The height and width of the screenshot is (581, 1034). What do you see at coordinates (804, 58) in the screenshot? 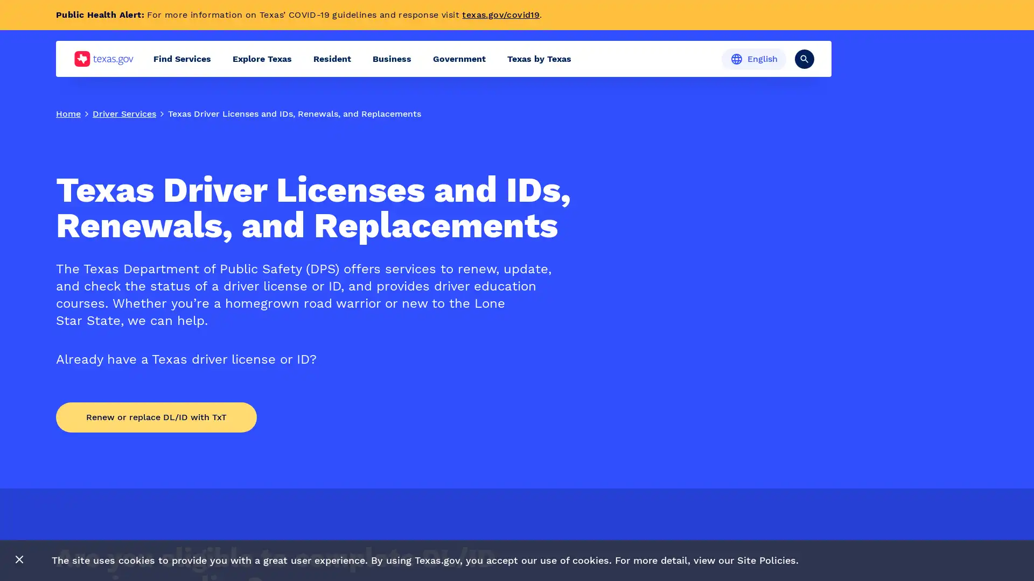
I see `Search` at bounding box center [804, 58].